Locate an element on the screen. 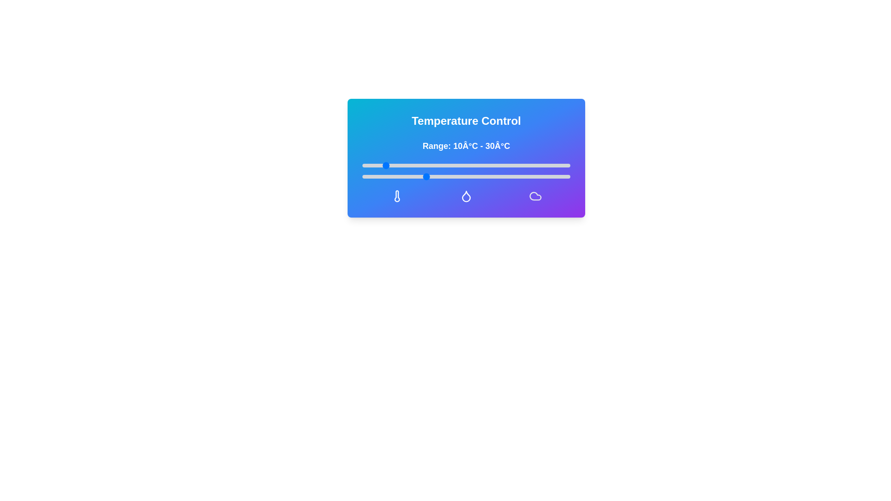  the slider is located at coordinates (563, 177).